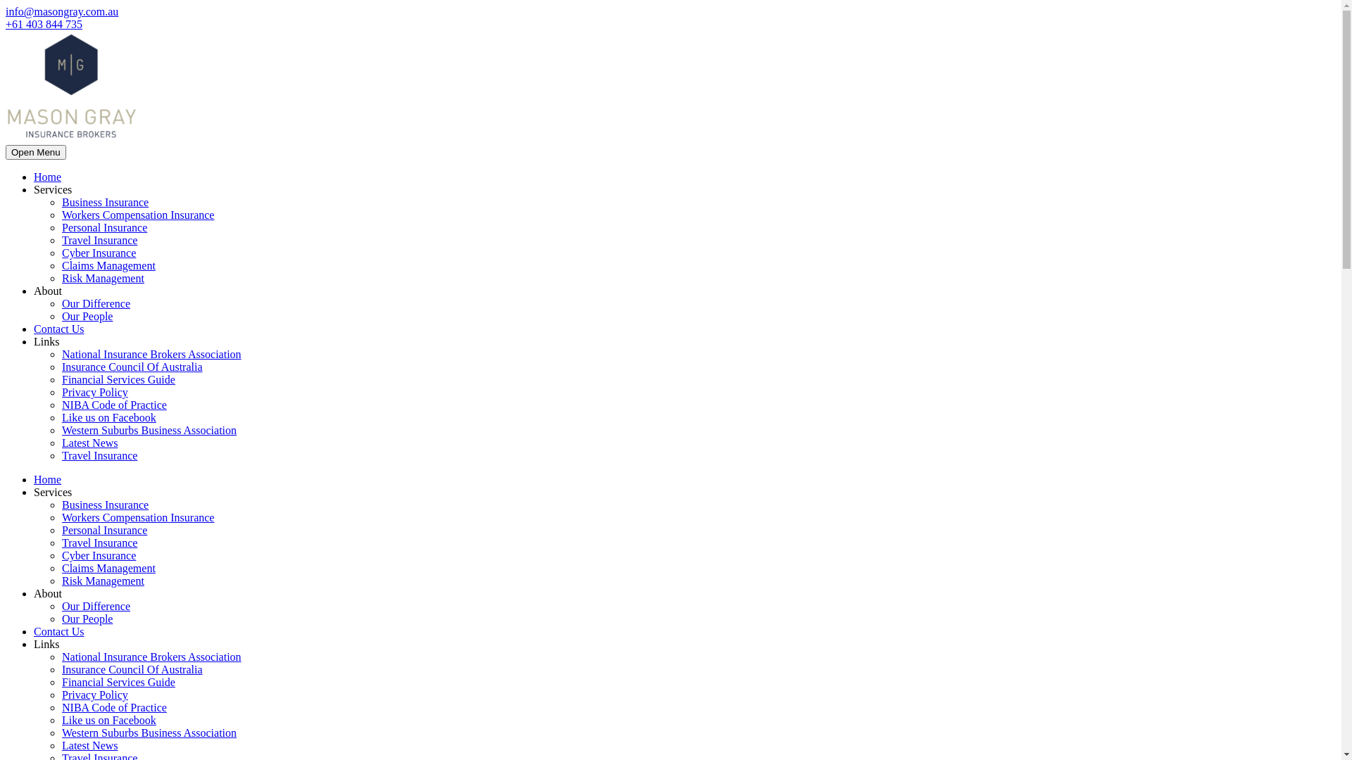 The image size is (1352, 760). Describe the element at coordinates (99, 239) in the screenshot. I see `'Travel Insurance'` at that location.